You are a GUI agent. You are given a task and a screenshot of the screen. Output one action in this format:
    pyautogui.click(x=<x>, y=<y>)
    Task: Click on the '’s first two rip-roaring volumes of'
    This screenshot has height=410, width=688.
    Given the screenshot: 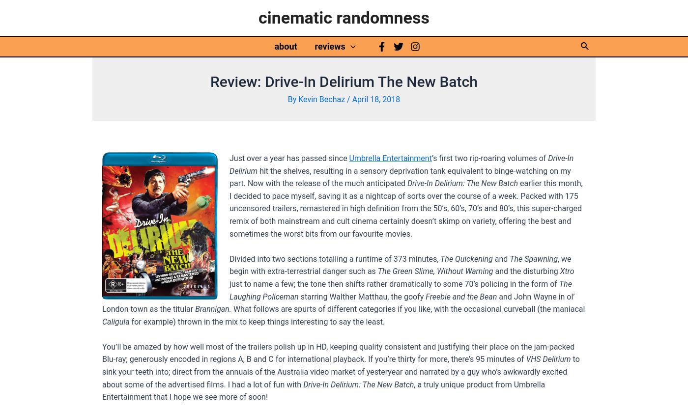 What is the action you would take?
    pyautogui.click(x=489, y=157)
    